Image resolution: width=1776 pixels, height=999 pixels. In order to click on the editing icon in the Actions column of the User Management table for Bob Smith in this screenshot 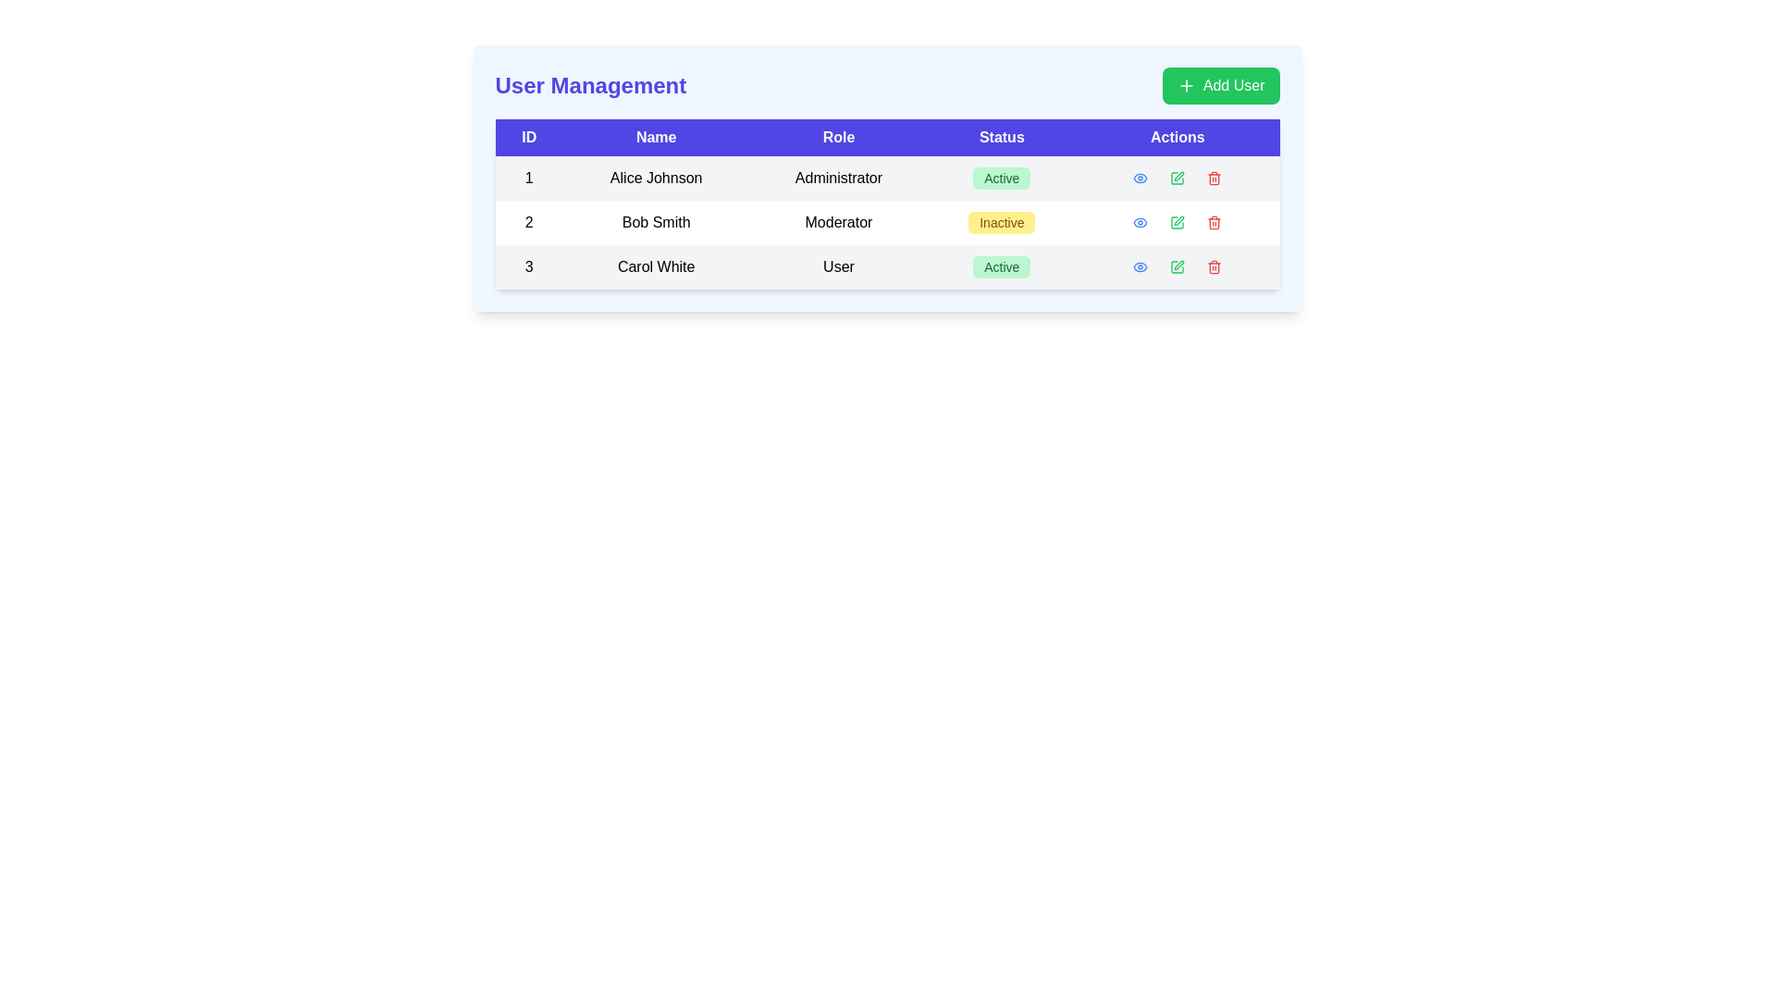, I will do `click(1178, 220)`.